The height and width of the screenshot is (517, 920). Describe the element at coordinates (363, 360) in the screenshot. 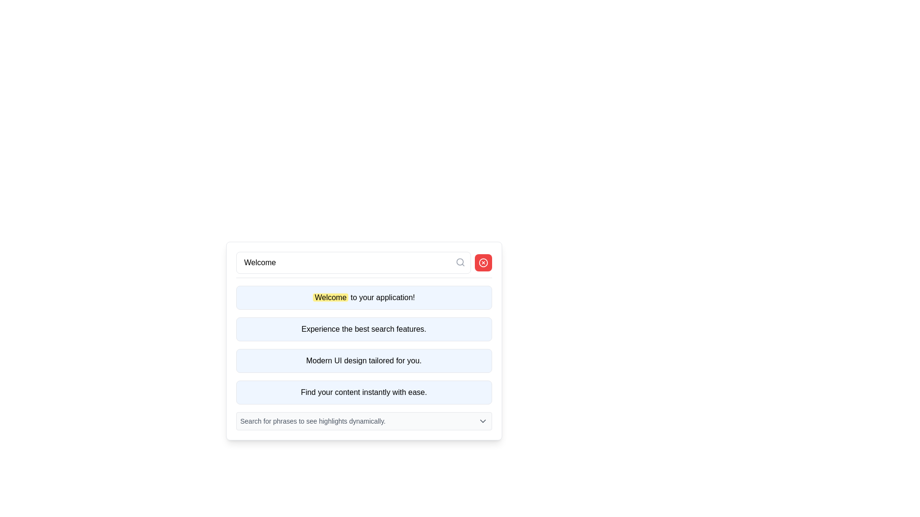

I see `text block that says 'Modern UI design tailored for you.' which is the third item in the list of elements` at that location.